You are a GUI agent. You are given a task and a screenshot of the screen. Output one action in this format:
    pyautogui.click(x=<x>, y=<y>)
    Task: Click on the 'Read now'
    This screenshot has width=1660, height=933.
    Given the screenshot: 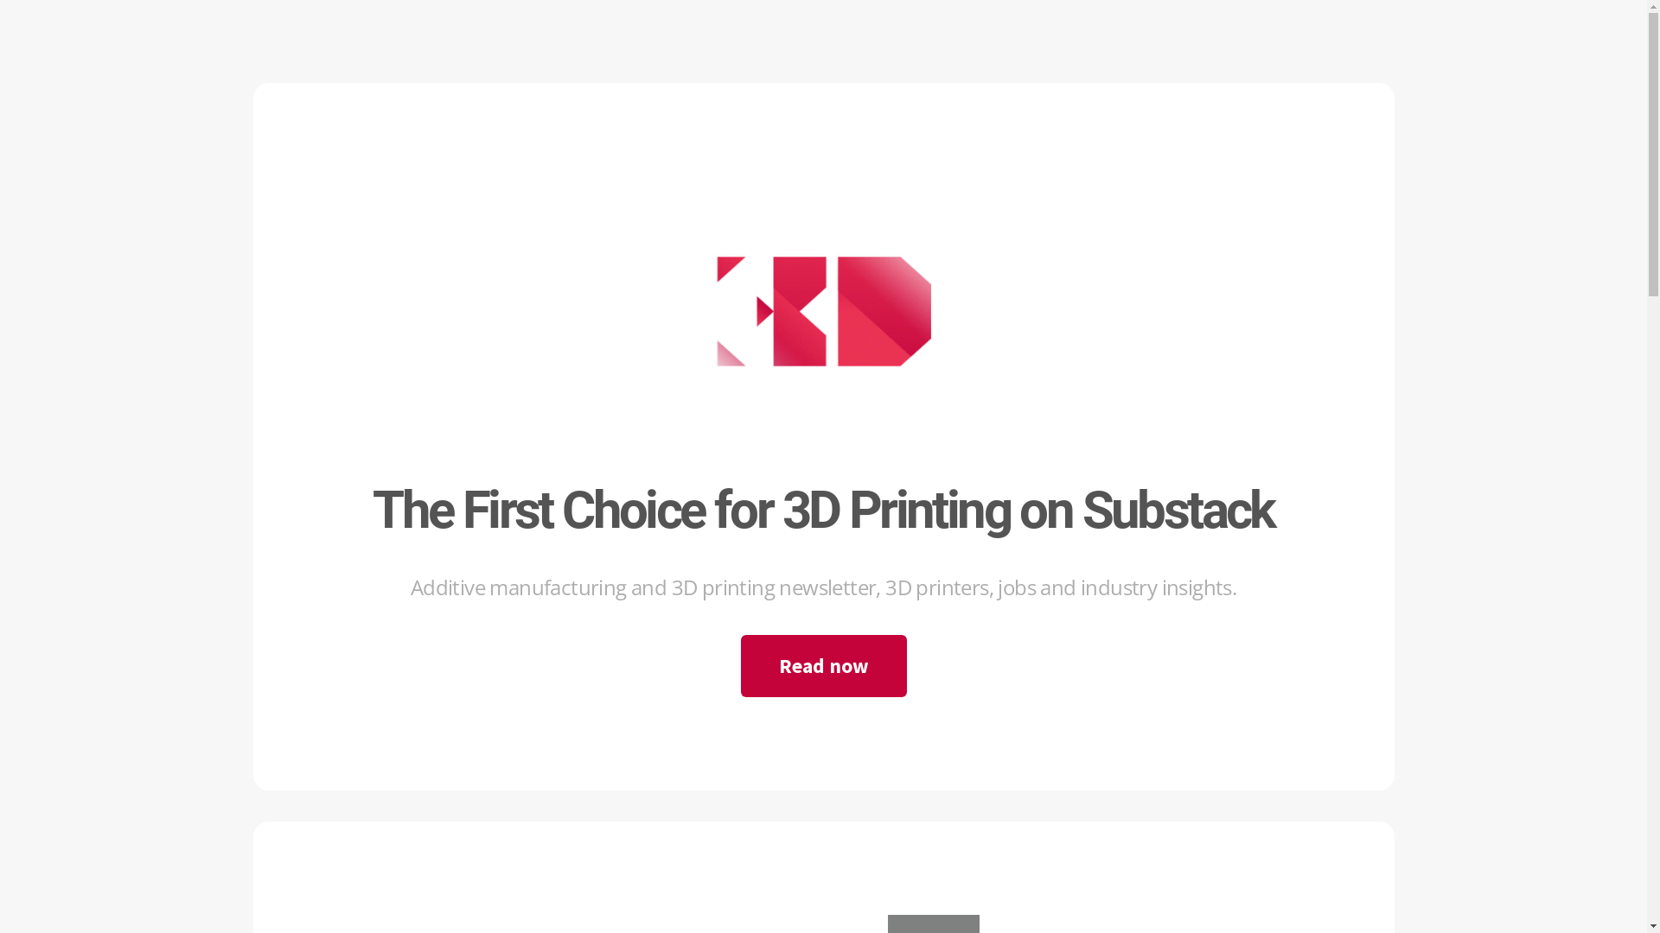 What is the action you would take?
    pyautogui.click(x=821, y=665)
    